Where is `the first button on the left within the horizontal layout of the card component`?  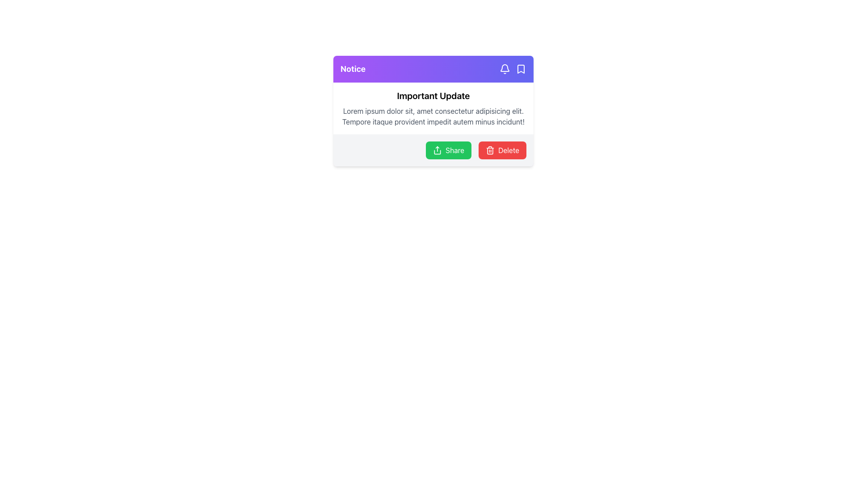
the first button on the left within the horizontal layout of the card component is located at coordinates (449, 150).